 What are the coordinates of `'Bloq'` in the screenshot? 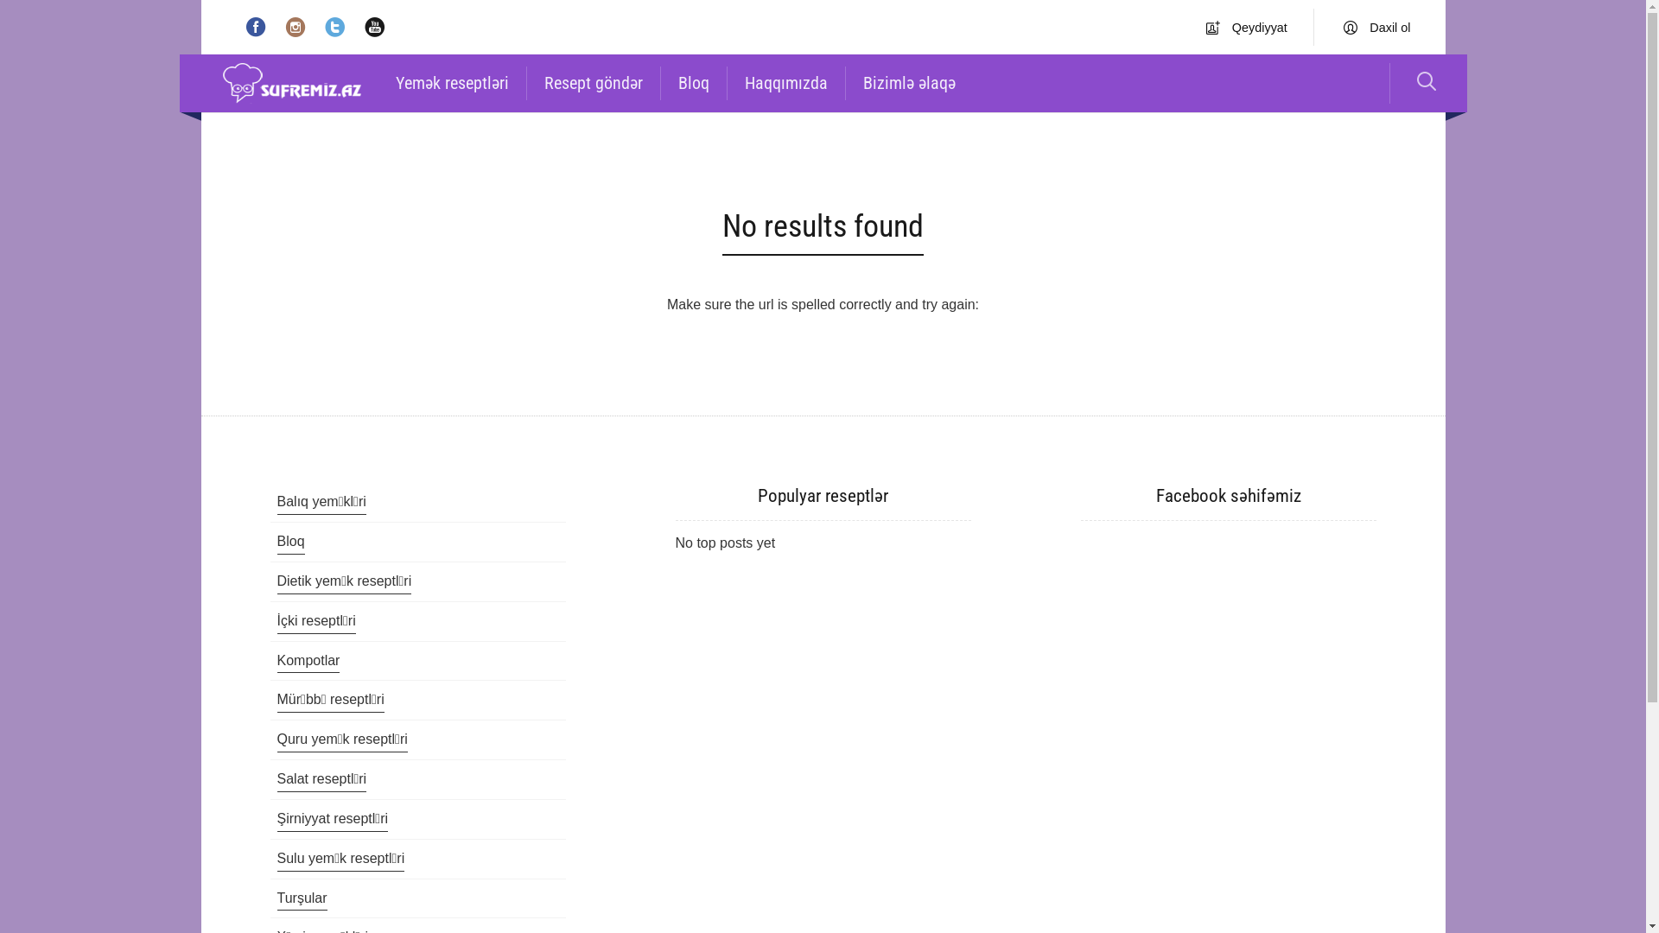 It's located at (692, 83).